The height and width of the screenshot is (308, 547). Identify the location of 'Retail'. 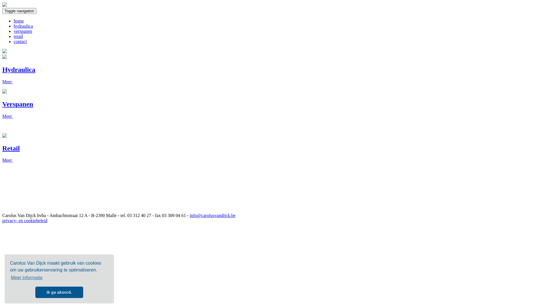
(2, 148).